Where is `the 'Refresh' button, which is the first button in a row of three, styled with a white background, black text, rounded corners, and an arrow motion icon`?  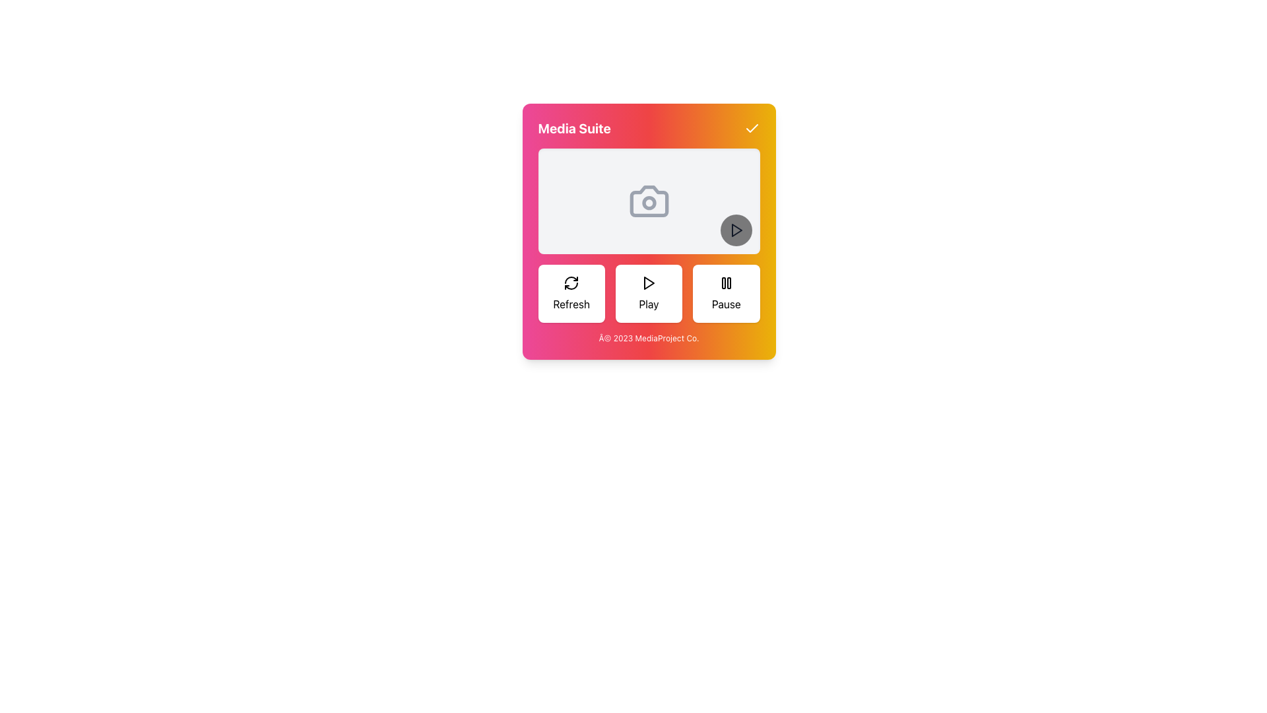 the 'Refresh' button, which is the first button in a row of three, styled with a white background, black text, rounded corners, and an arrow motion icon is located at coordinates (571, 292).